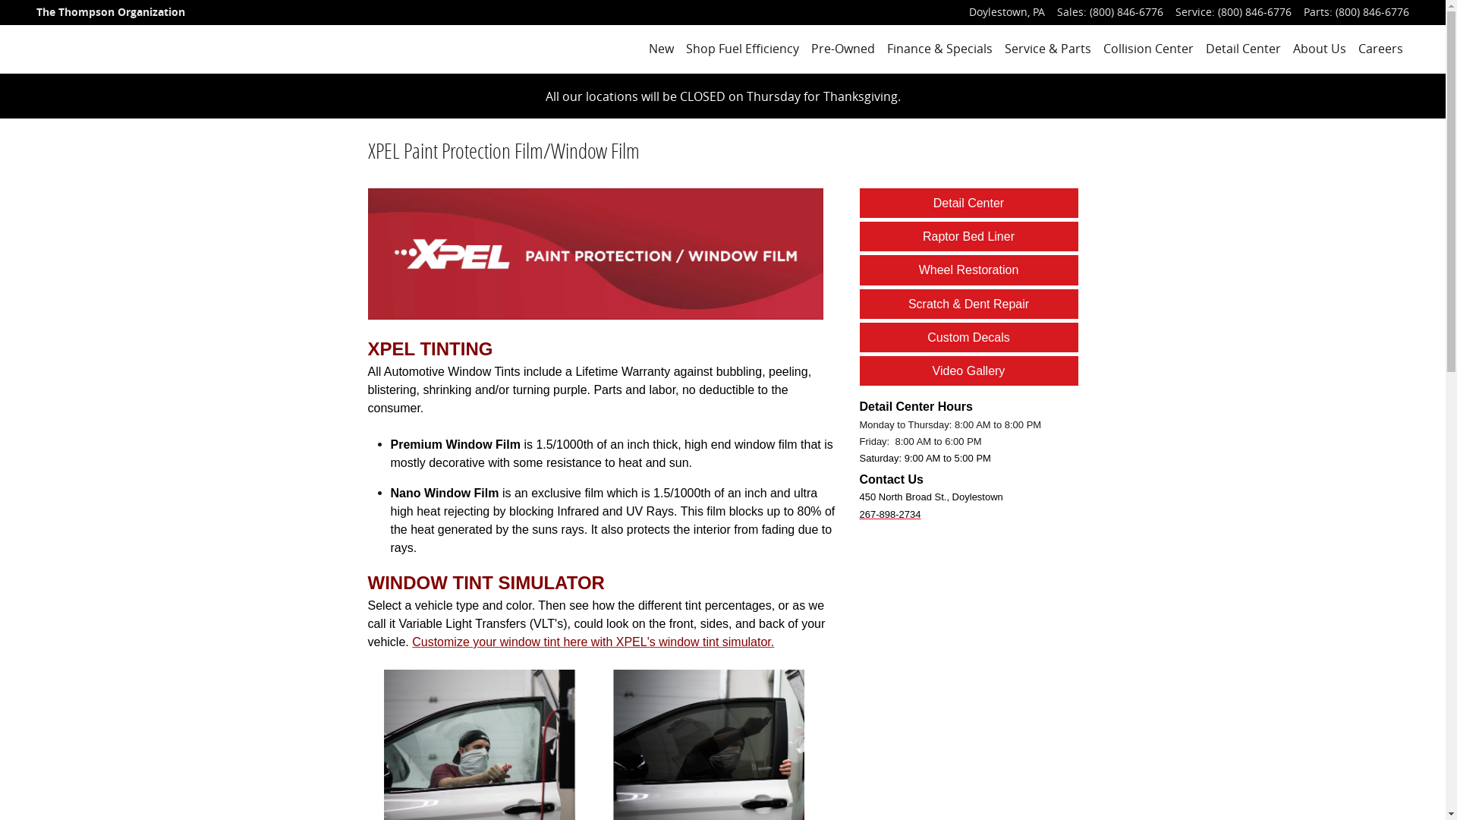  What do you see at coordinates (927, 336) in the screenshot?
I see `'Custom Decals'` at bounding box center [927, 336].